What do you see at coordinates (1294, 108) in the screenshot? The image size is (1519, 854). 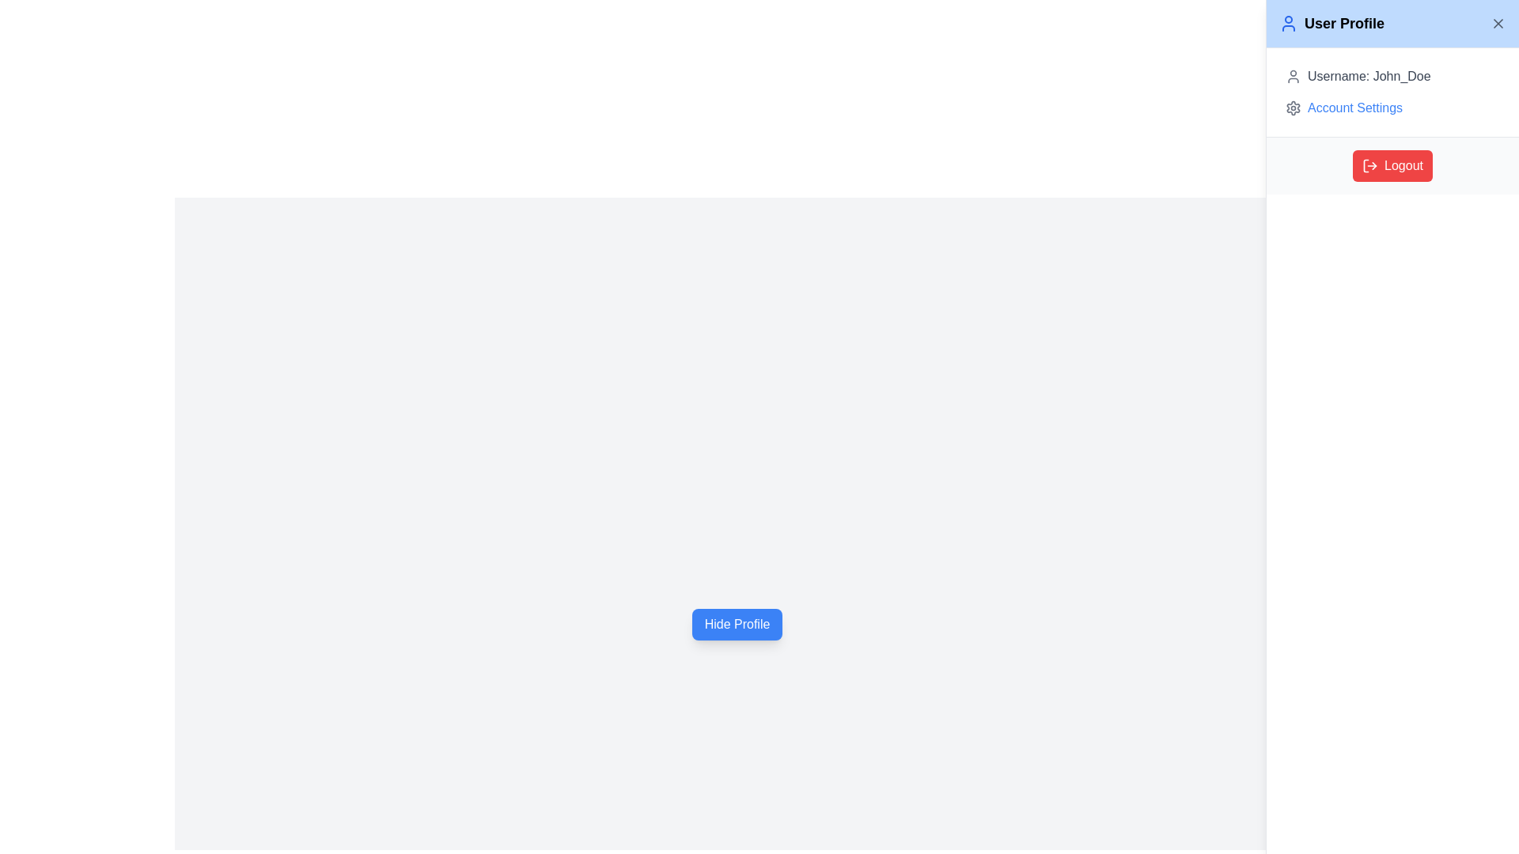 I see `the 'Account Settings' icon located in the sidebar above the red logout button` at bounding box center [1294, 108].